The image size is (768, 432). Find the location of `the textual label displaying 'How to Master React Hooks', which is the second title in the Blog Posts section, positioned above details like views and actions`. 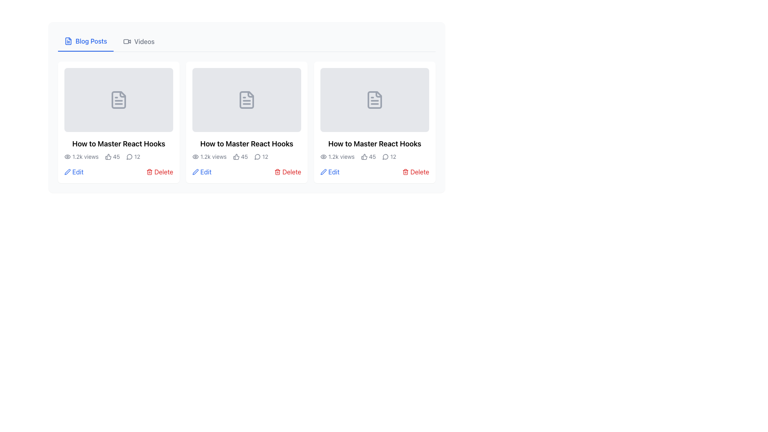

the textual label displaying 'How to Master React Hooks', which is the second title in the Blog Posts section, positioned above details like views and actions is located at coordinates (374, 143).